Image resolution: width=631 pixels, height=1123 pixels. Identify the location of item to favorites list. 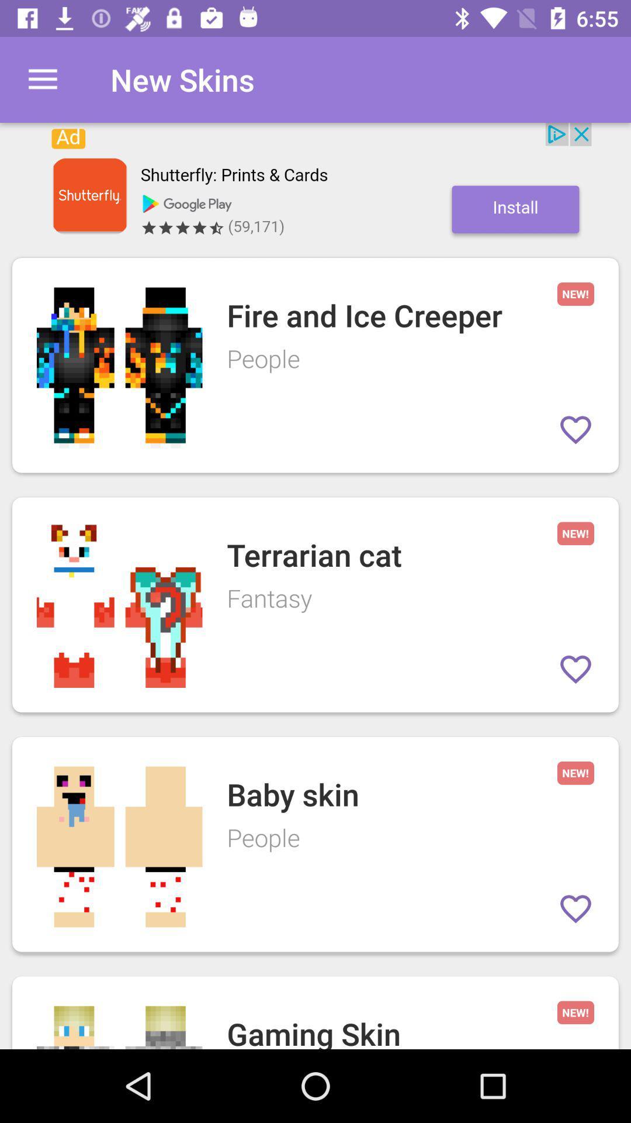
(575, 429).